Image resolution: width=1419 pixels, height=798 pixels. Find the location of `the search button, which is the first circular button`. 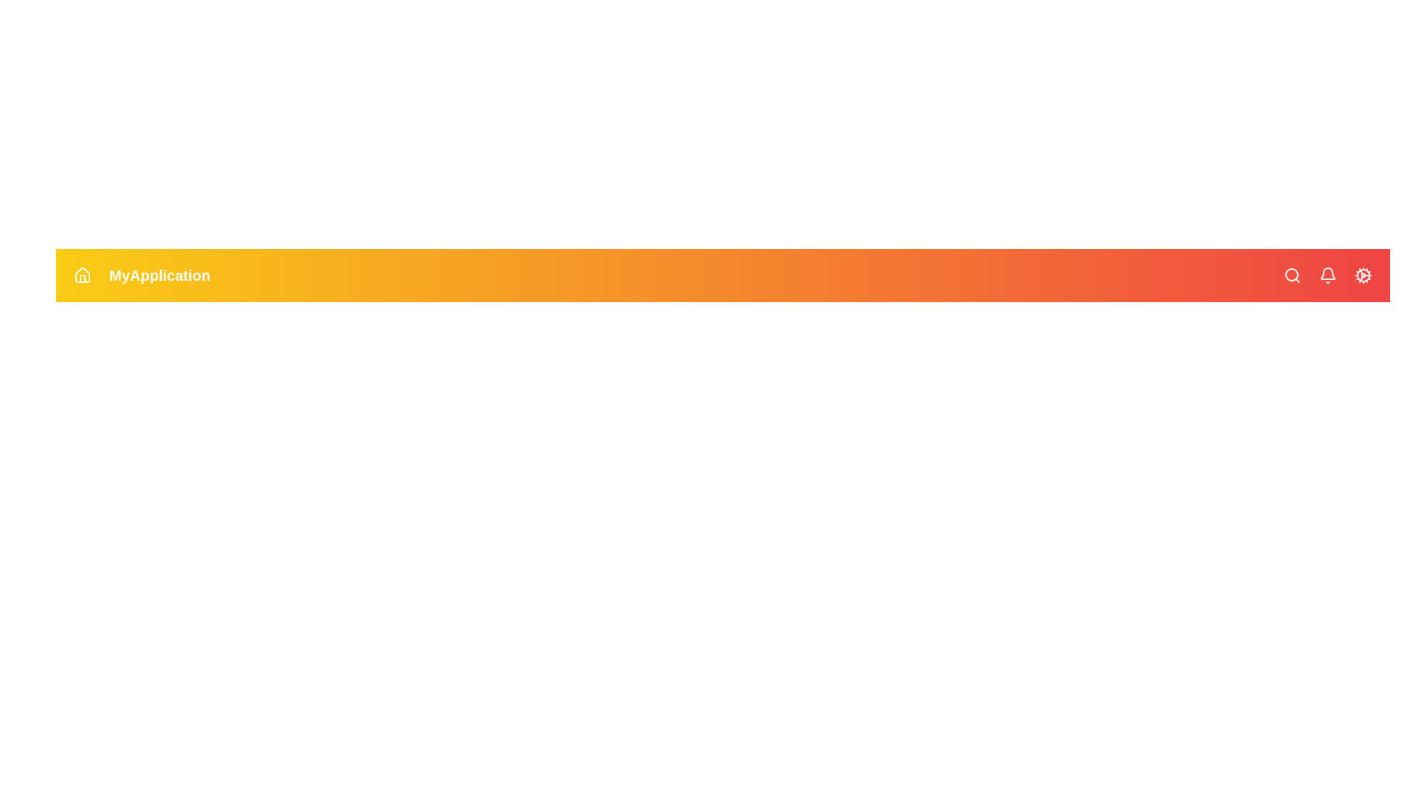

the search button, which is the first circular button is located at coordinates (1291, 276).